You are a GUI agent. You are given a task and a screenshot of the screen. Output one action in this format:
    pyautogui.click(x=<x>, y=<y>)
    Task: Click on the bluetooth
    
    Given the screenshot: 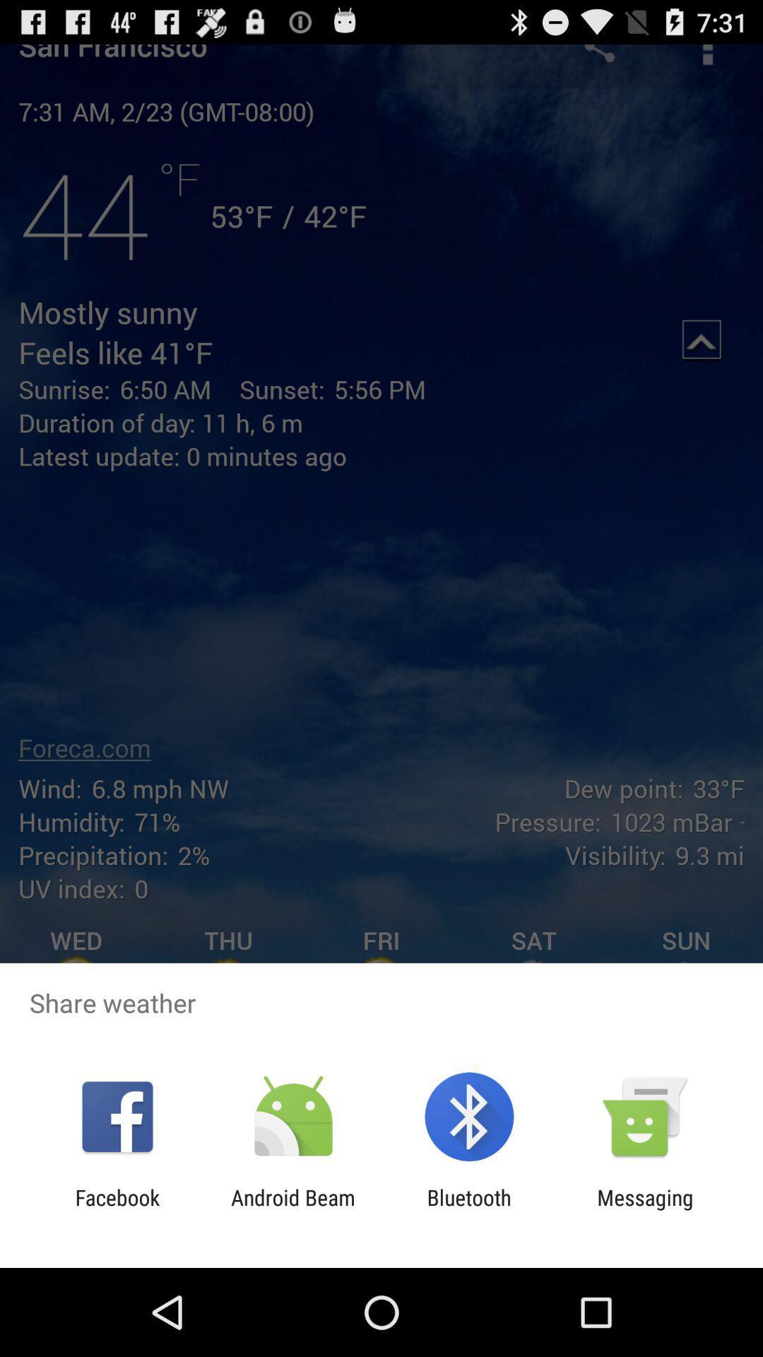 What is the action you would take?
    pyautogui.click(x=469, y=1209)
    